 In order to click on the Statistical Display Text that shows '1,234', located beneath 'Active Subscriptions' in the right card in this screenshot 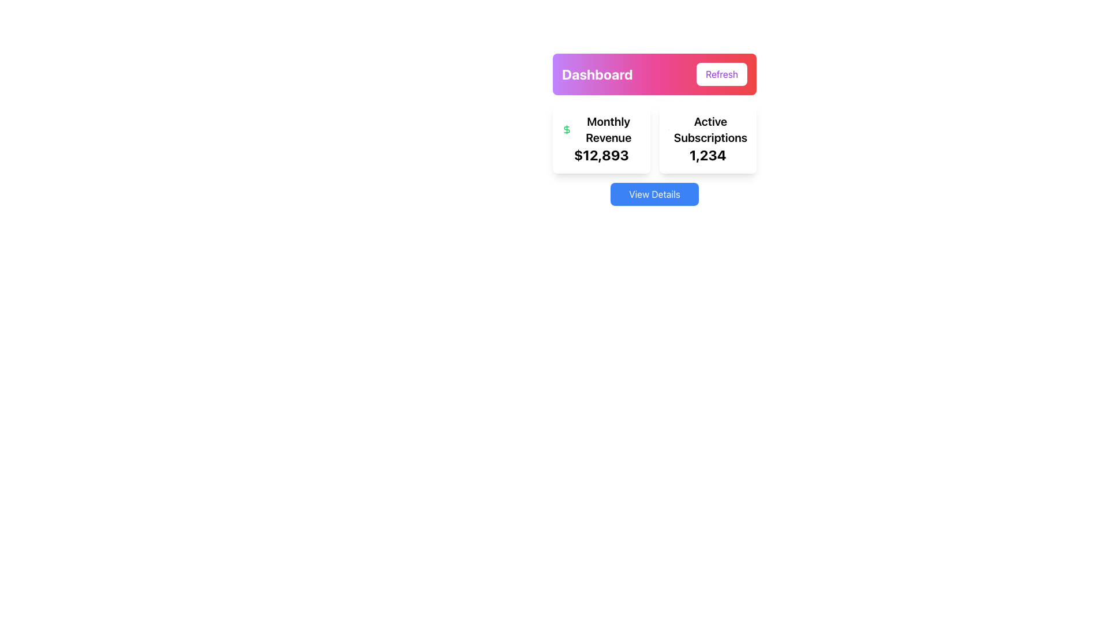, I will do `click(707, 155)`.